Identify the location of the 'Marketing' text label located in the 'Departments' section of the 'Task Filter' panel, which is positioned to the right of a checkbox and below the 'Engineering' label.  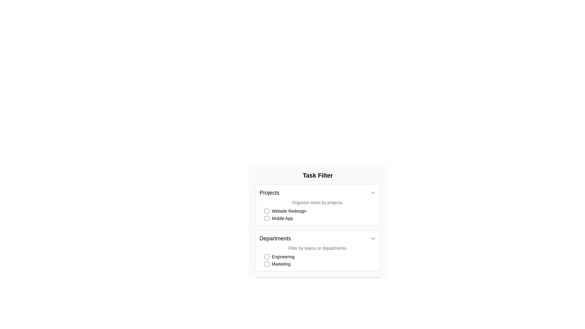
(281, 264).